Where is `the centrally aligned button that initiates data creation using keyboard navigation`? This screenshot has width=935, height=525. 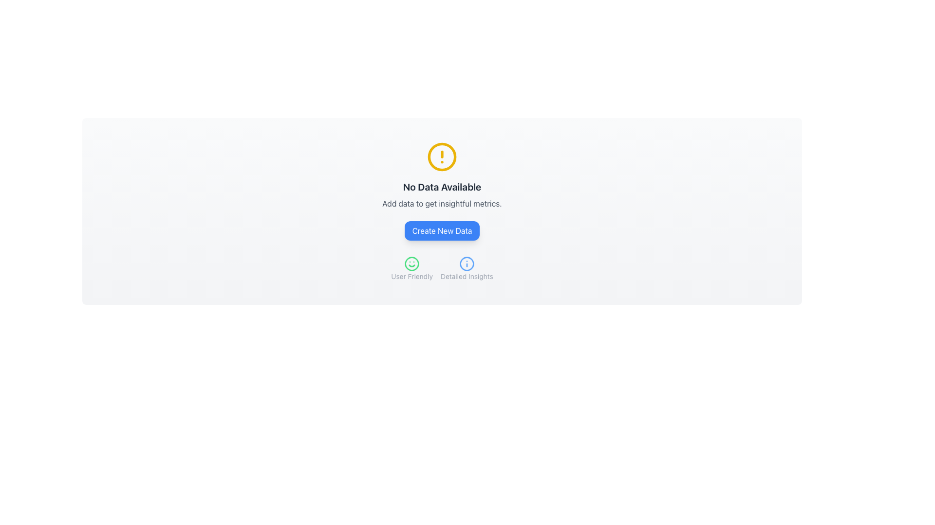 the centrally aligned button that initiates data creation using keyboard navigation is located at coordinates (441, 230).